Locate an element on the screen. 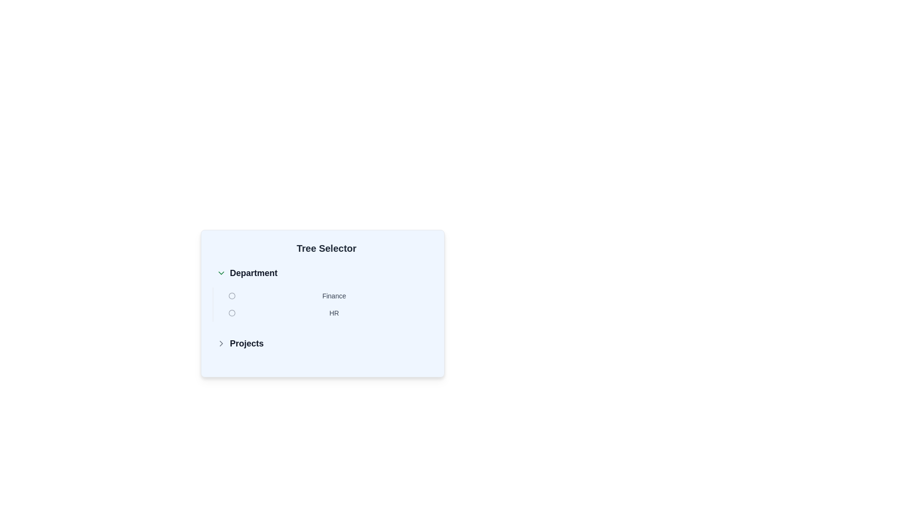  Circle SVG graphical component that indicates the state for the 'Finance' text item using a developer tool is located at coordinates (232, 295).